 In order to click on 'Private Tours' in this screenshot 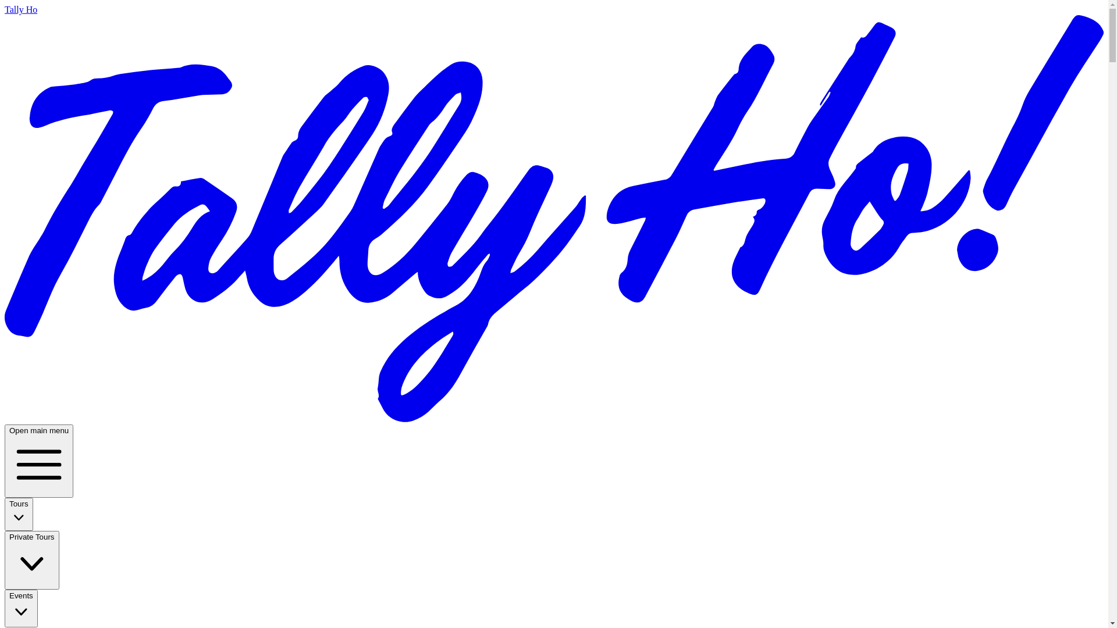, I will do `click(31, 559)`.